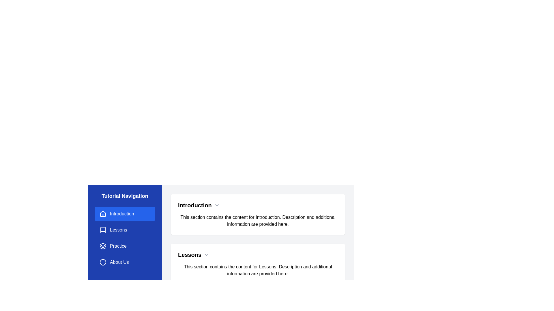 This screenshot has width=554, height=311. What do you see at coordinates (216, 205) in the screenshot?
I see `the icon located at the right end of the 'Introduction' heading` at bounding box center [216, 205].